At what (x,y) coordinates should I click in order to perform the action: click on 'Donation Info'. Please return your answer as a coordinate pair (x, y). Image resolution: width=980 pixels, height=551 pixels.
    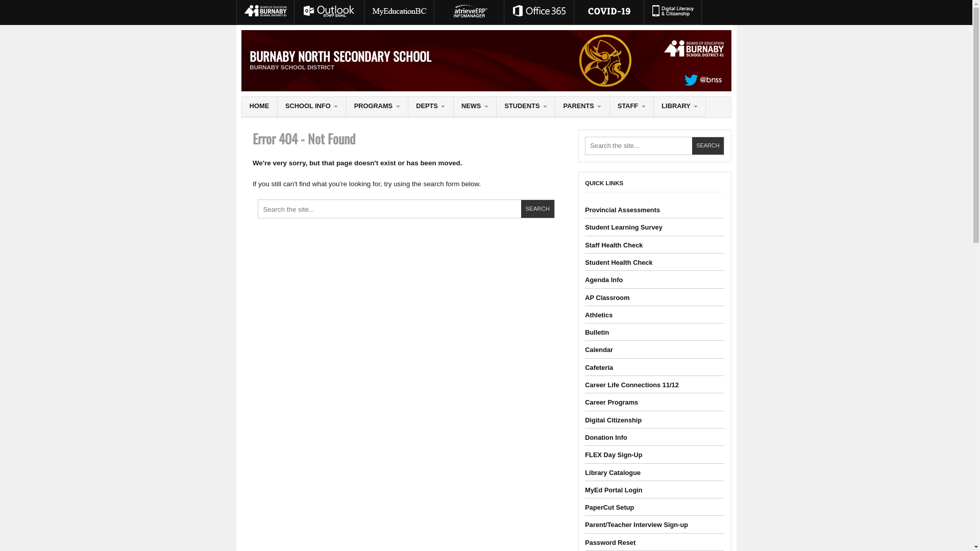
    Looking at the image, I should click on (605, 437).